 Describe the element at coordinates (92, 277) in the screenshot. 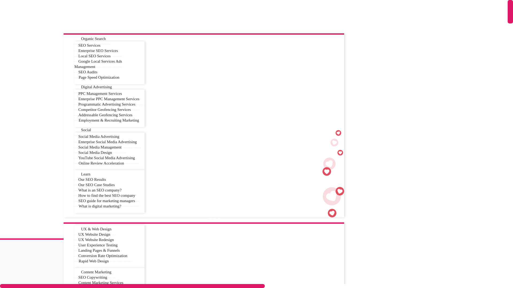

I see `'SEO Copywriting'` at that location.